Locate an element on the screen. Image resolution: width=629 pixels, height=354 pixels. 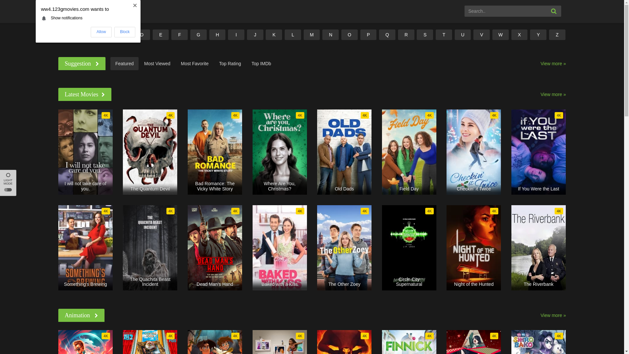
'4K is located at coordinates (344, 152).